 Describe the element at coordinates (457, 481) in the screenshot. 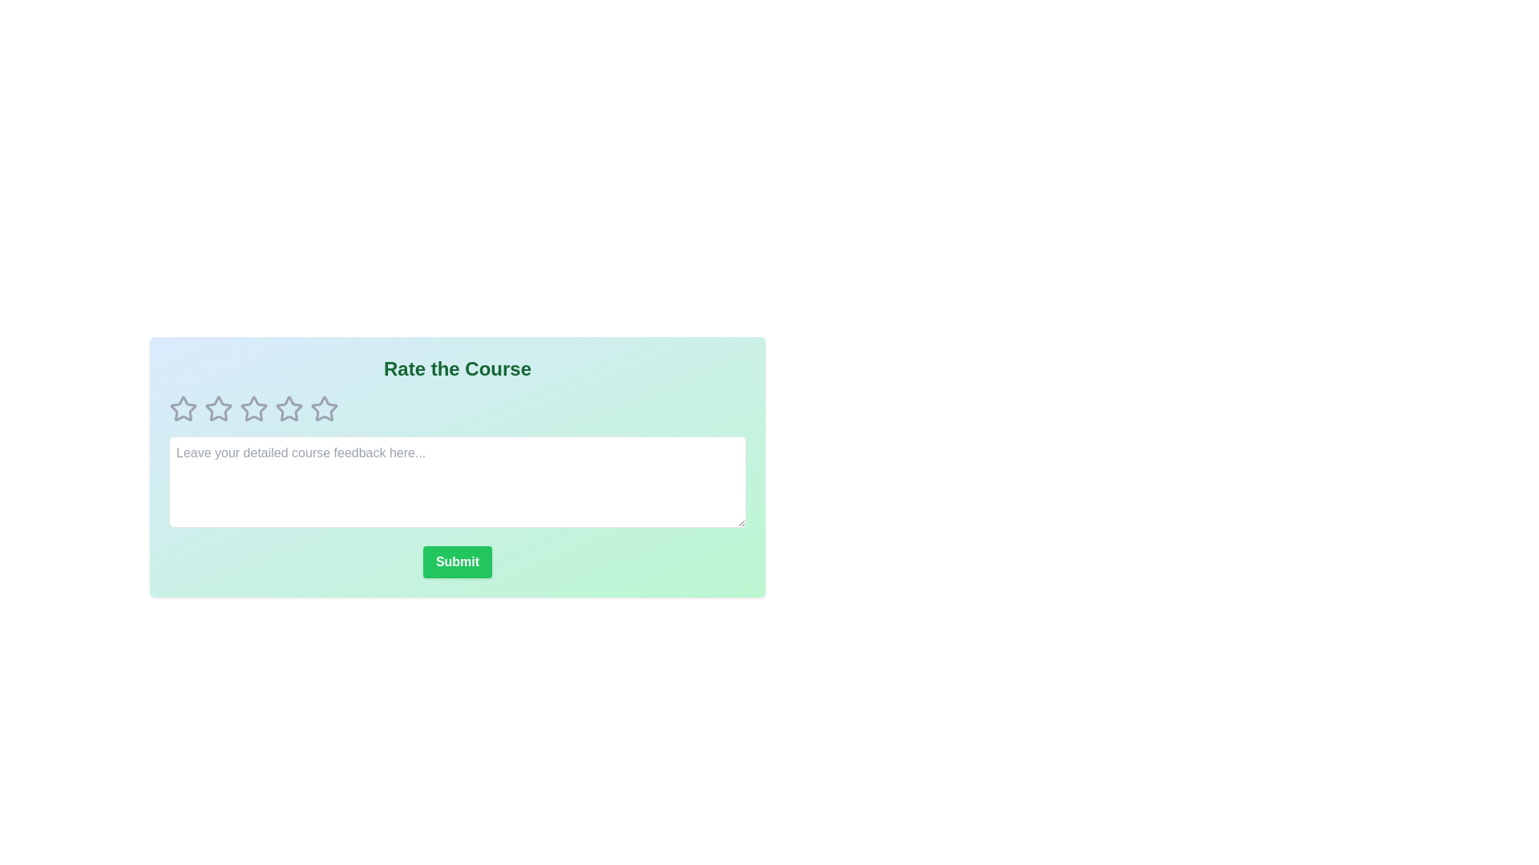

I see `the feedback textbox to select it and enable text input` at that location.